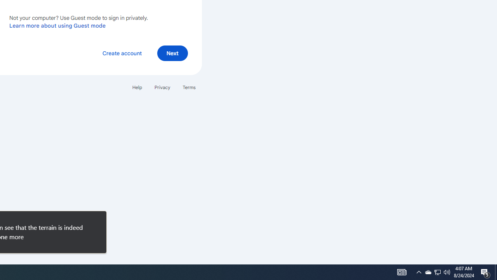  Describe the element at coordinates (172, 52) in the screenshot. I see `'Next'` at that location.